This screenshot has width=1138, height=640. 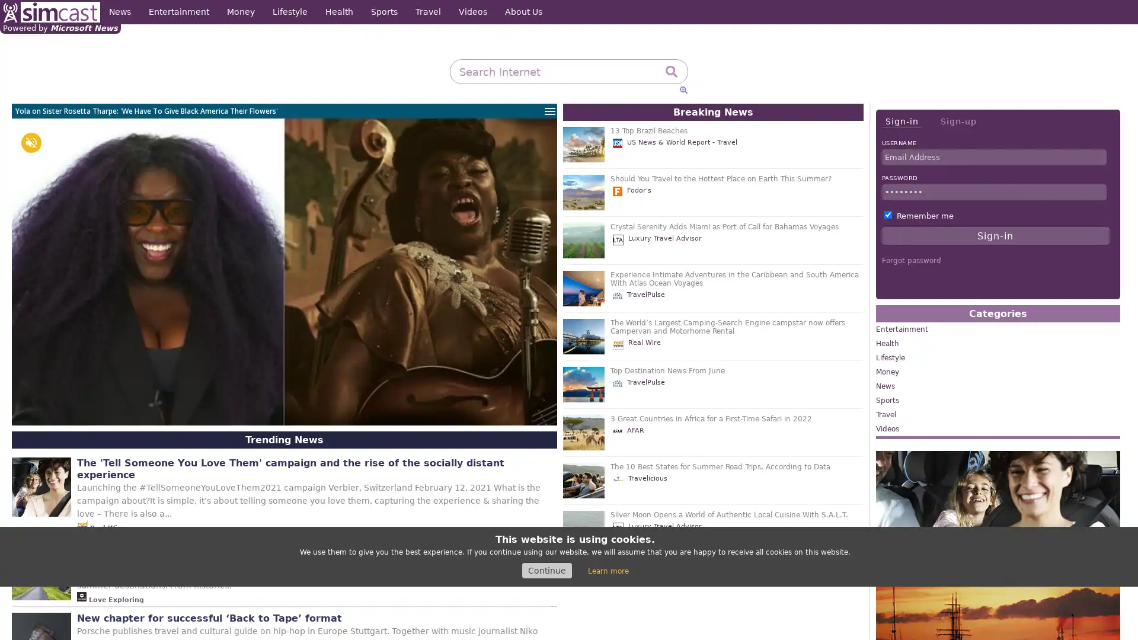 I want to click on Sign-in, so click(x=901, y=121).